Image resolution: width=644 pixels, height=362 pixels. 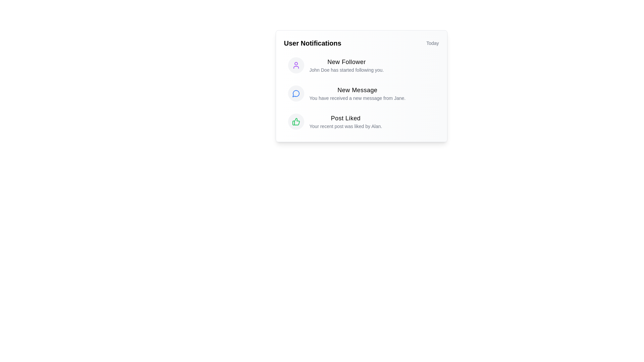 What do you see at coordinates (296, 121) in the screenshot?
I see `the thumbs-up icon representing approval or like action next to the 'Post Liked' label in the bottom-most notification entry of the 'User Notifications' list` at bounding box center [296, 121].